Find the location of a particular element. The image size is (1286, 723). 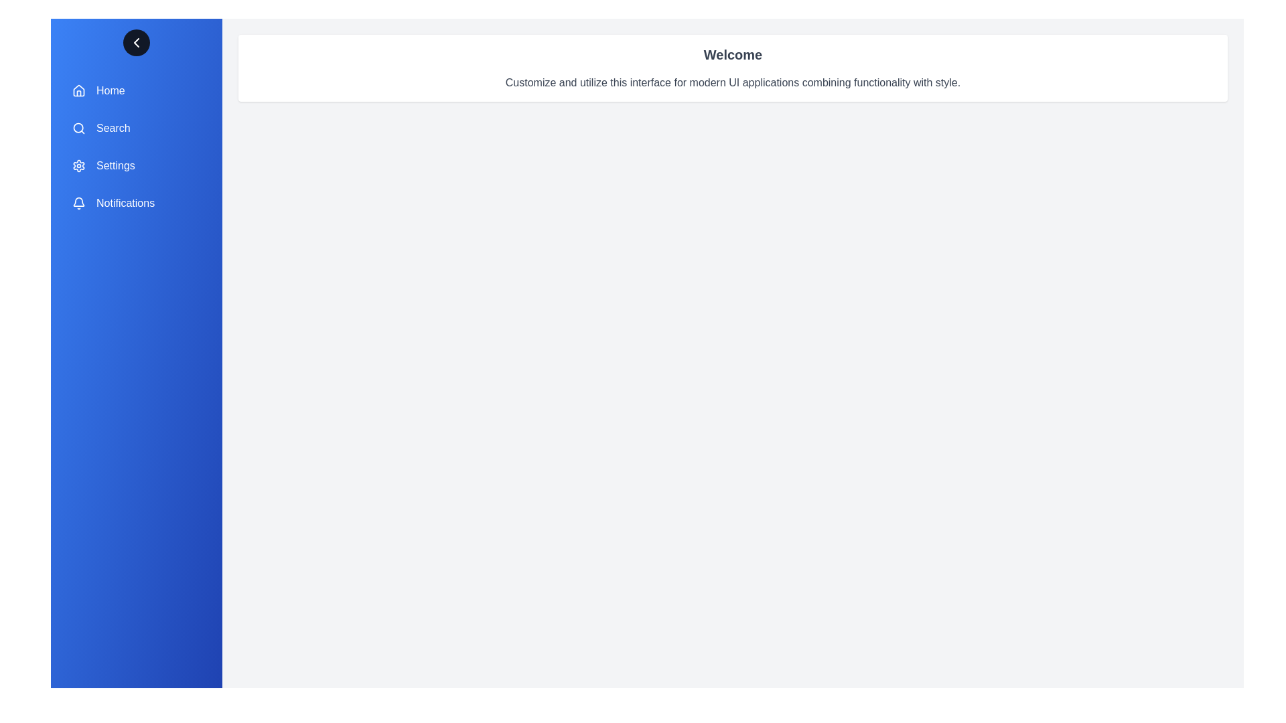

the menu item labeled 'Search' to navigate or trigger its action is located at coordinates (136, 129).